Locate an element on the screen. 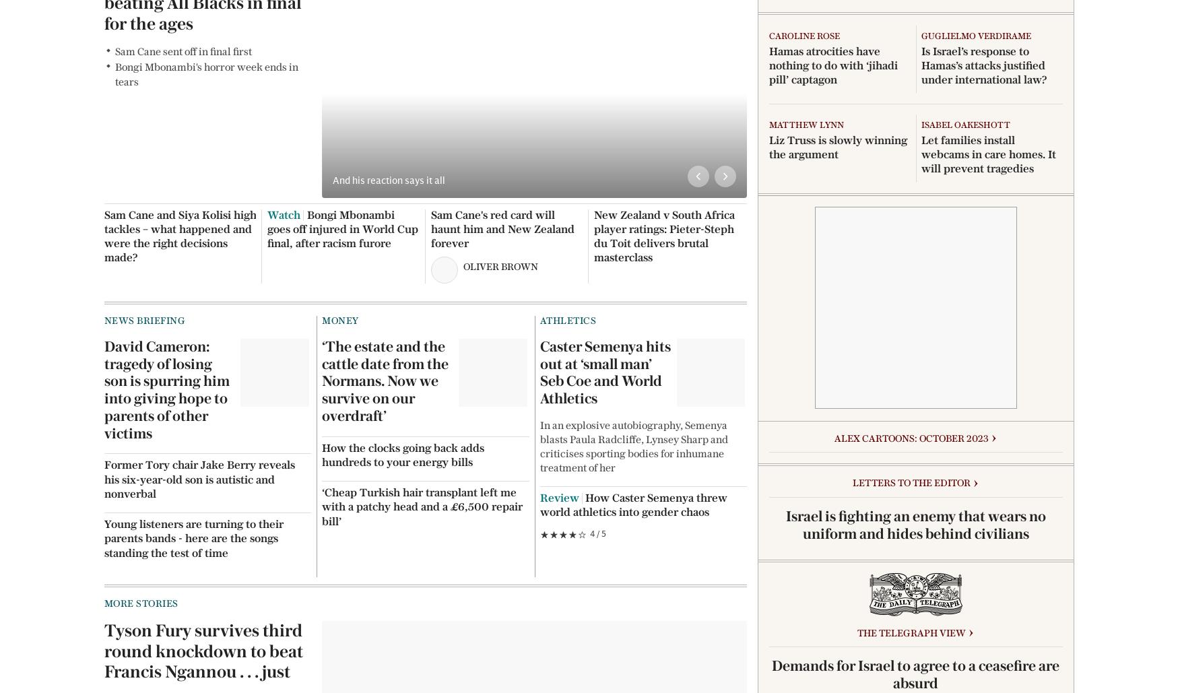 This screenshot has height=693, width=1178. 'The ten style investments to make now and keep forever – all under £250' is located at coordinates (343, 531).